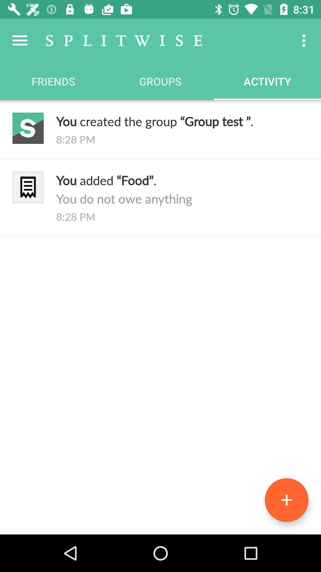 The width and height of the screenshot is (321, 572). What do you see at coordinates (286, 500) in the screenshot?
I see `the add icon` at bounding box center [286, 500].